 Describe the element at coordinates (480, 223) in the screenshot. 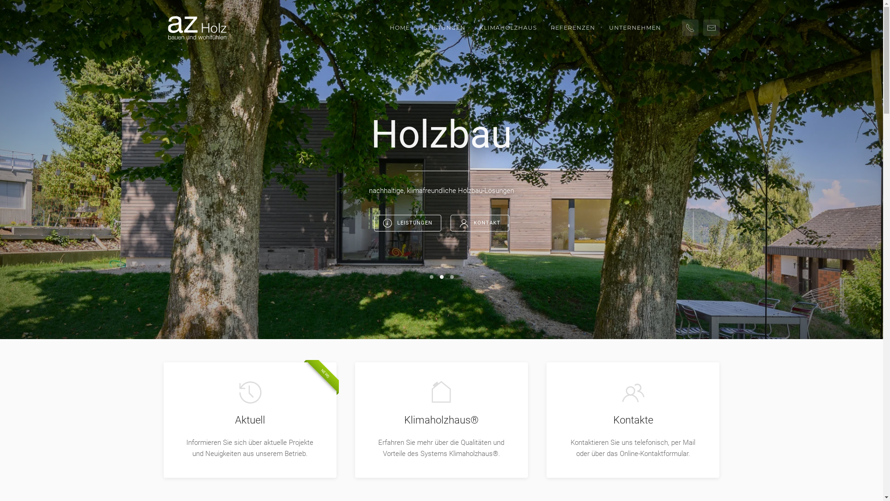

I see `'KONTAKT'` at that location.